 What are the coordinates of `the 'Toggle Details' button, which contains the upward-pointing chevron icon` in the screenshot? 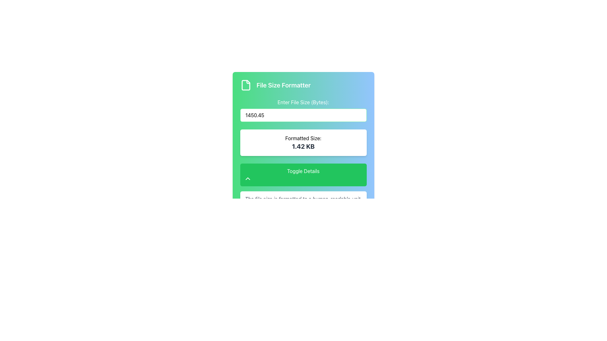 It's located at (247, 179).